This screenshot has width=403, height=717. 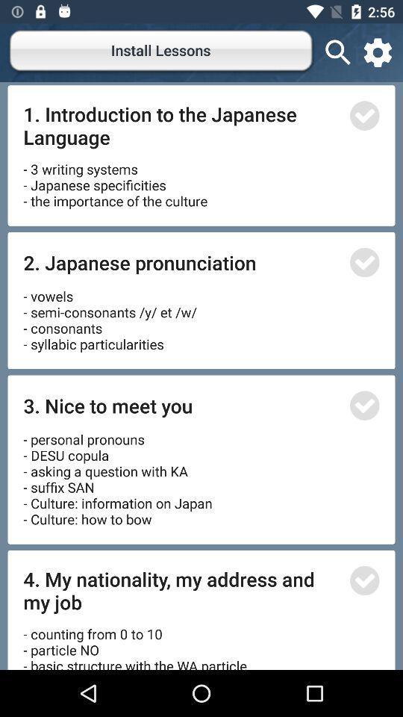 I want to click on 1 introduction to, so click(x=181, y=125).